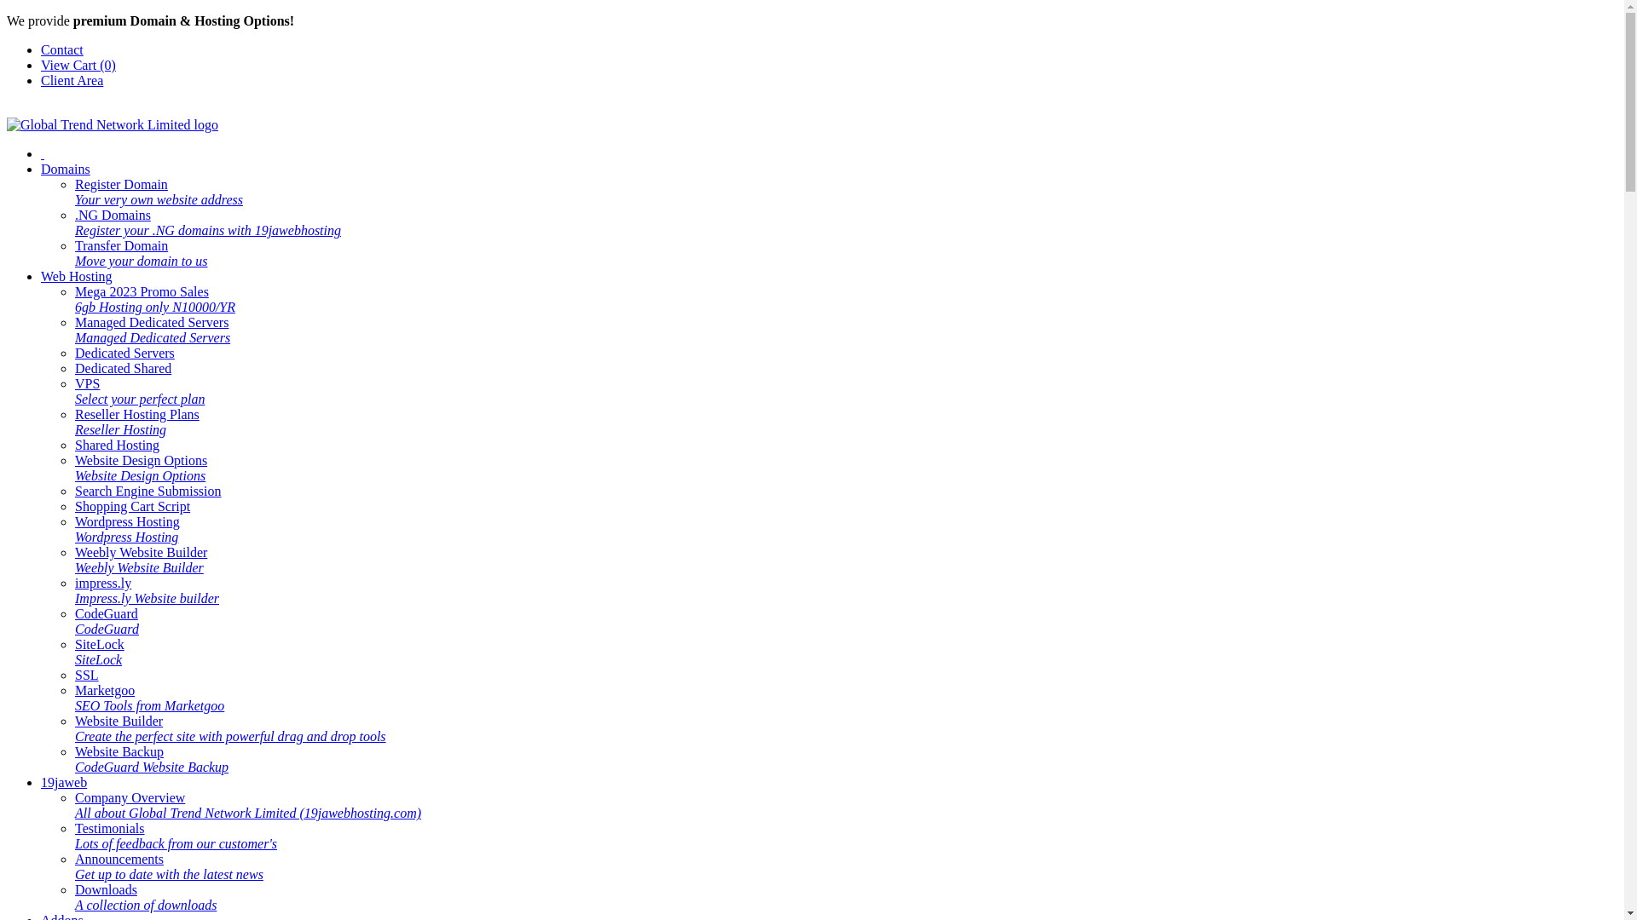 The image size is (1637, 920). Describe the element at coordinates (41, 275) in the screenshot. I see `'Web Hosting'` at that location.